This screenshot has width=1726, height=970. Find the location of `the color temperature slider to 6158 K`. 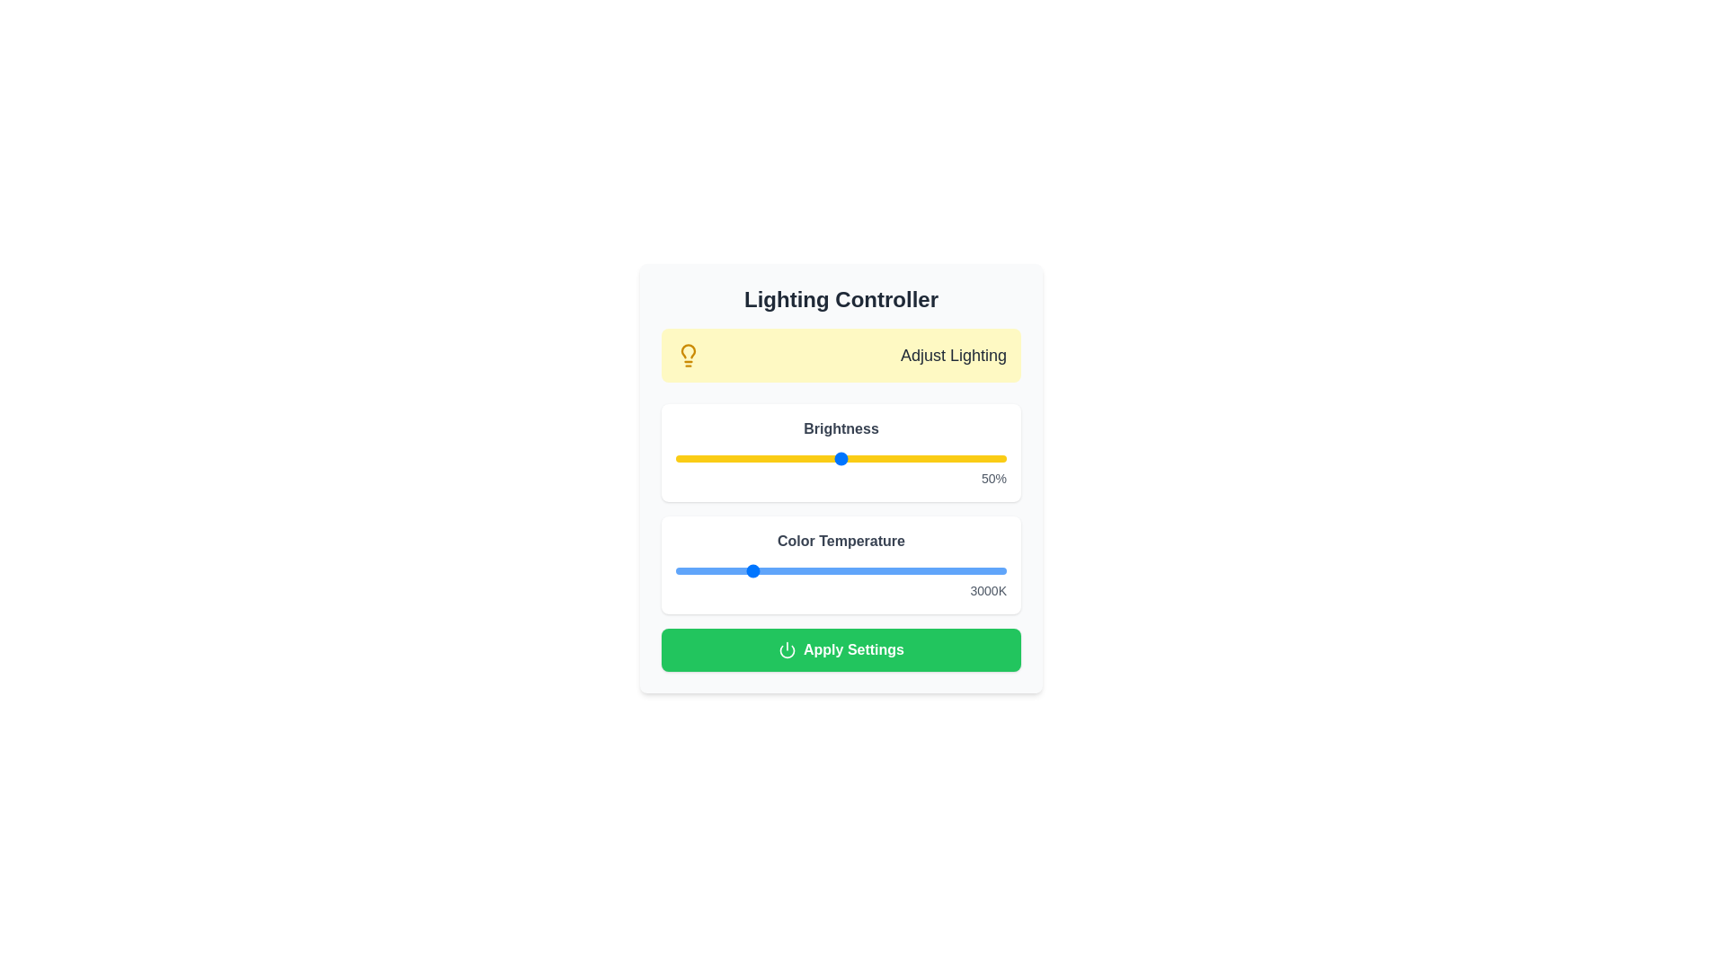

the color temperature slider to 6158 K is located at coordinates (865, 571).